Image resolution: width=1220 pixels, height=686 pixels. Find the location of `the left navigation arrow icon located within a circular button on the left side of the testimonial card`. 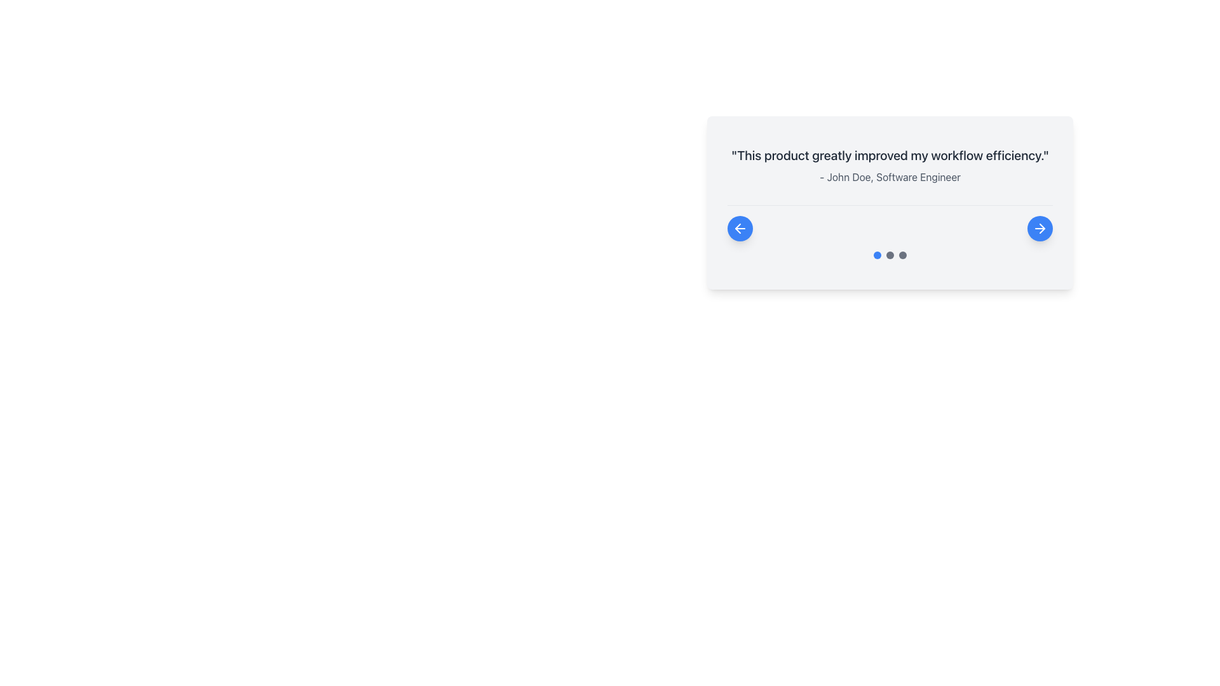

the left navigation arrow icon located within a circular button on the left side of the testimonial card is located at coordinates (738, 227).